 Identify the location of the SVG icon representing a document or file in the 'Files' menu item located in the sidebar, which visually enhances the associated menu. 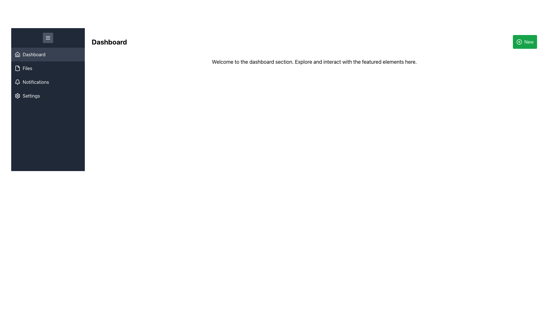
(18, 68).